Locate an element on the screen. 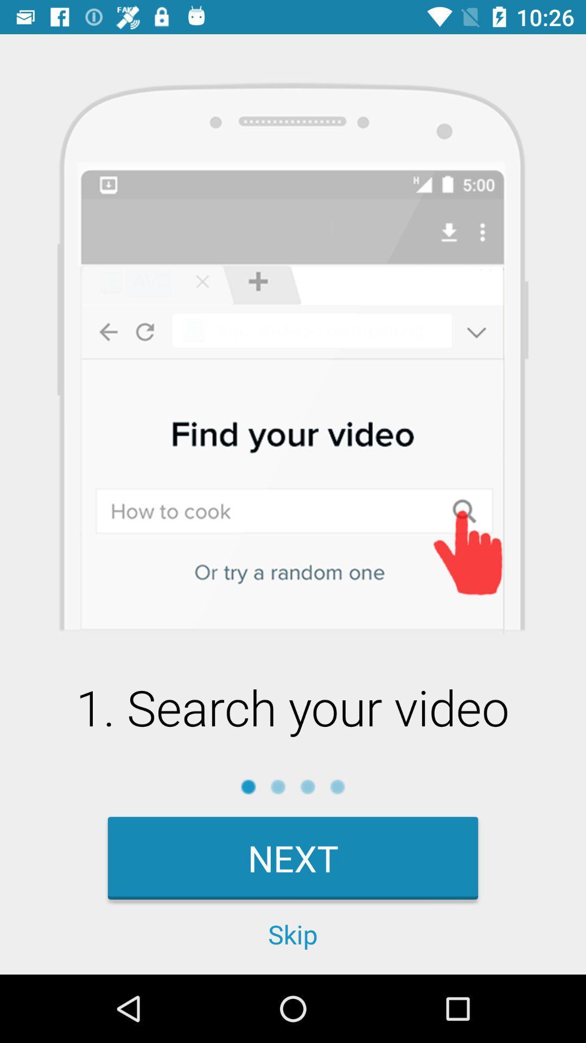  the next is located at coordinates (293, 857).